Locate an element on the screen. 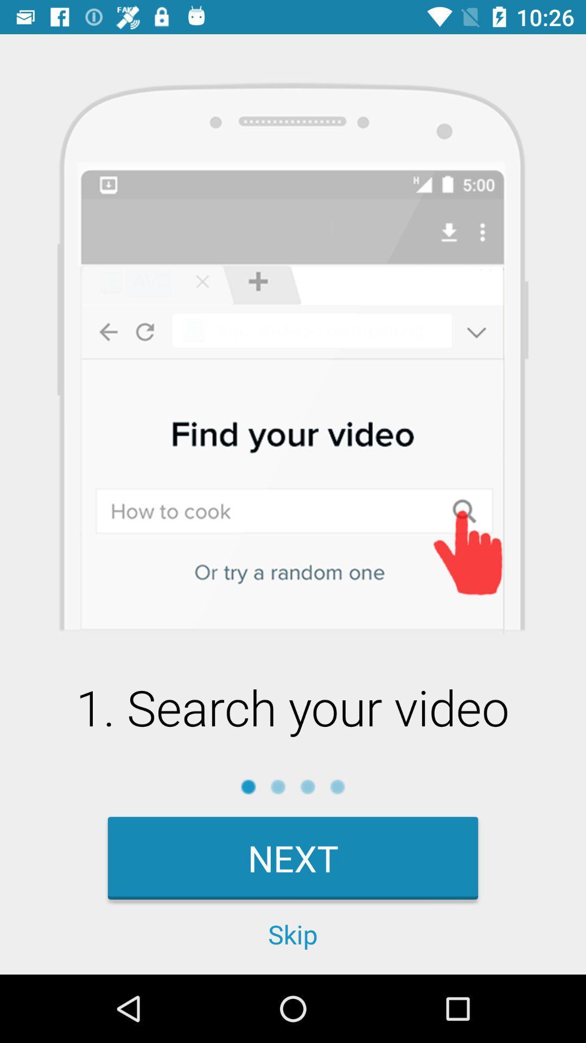  the next is located at coordinates (293, 857).